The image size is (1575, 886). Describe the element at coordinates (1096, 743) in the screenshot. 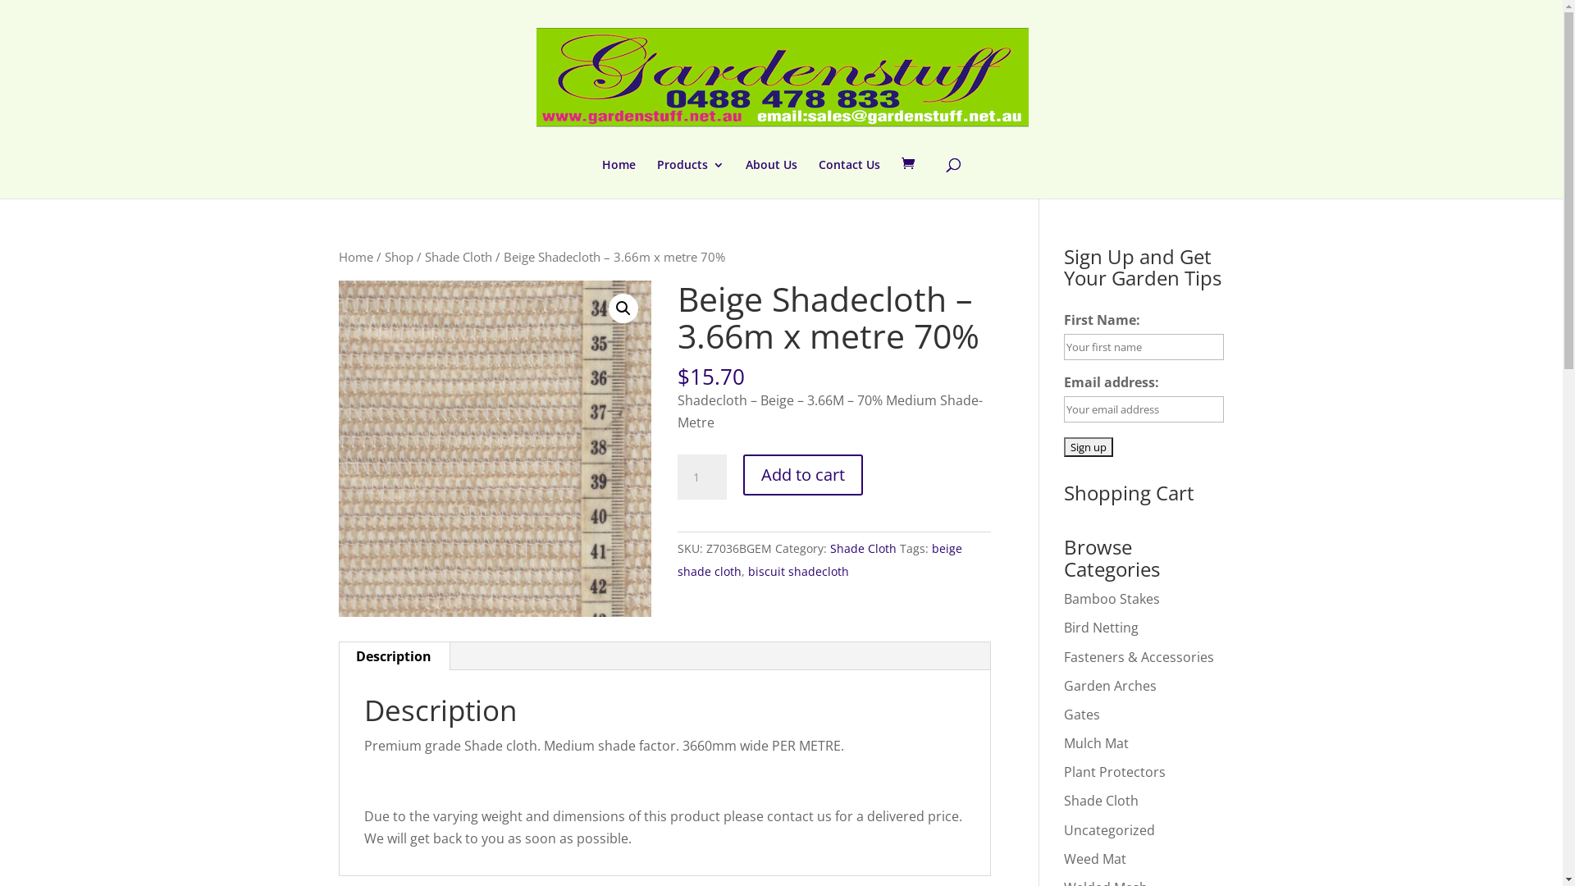

I see `'Mulch Mat'` at that location.